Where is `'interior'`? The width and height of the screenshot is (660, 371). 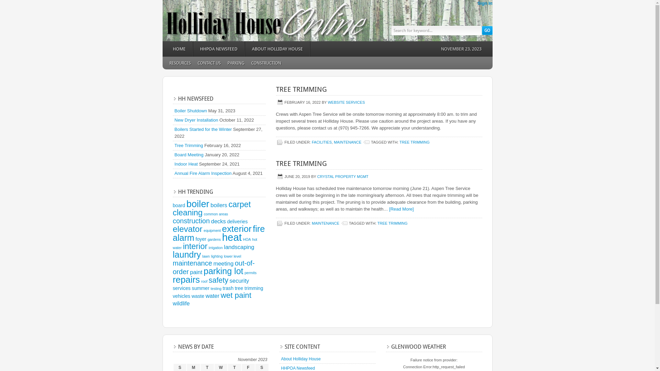 'interior' is located at coordinates (195, 246).